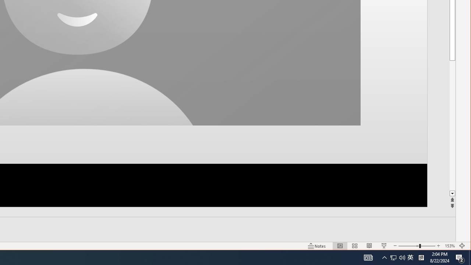  What do you see at coordinates (449, 246) in the screenshot?
I see `'Zoom 153%'` at bounding box center [449, 246].